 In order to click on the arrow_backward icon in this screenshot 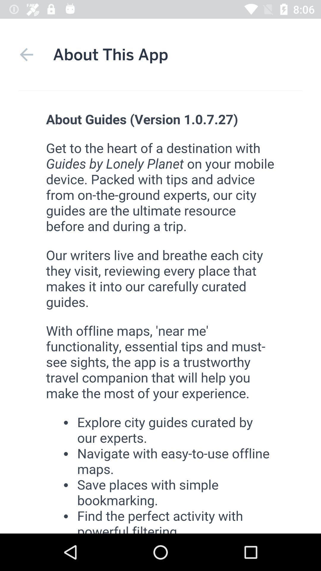, I will do `click(26, 54)`.